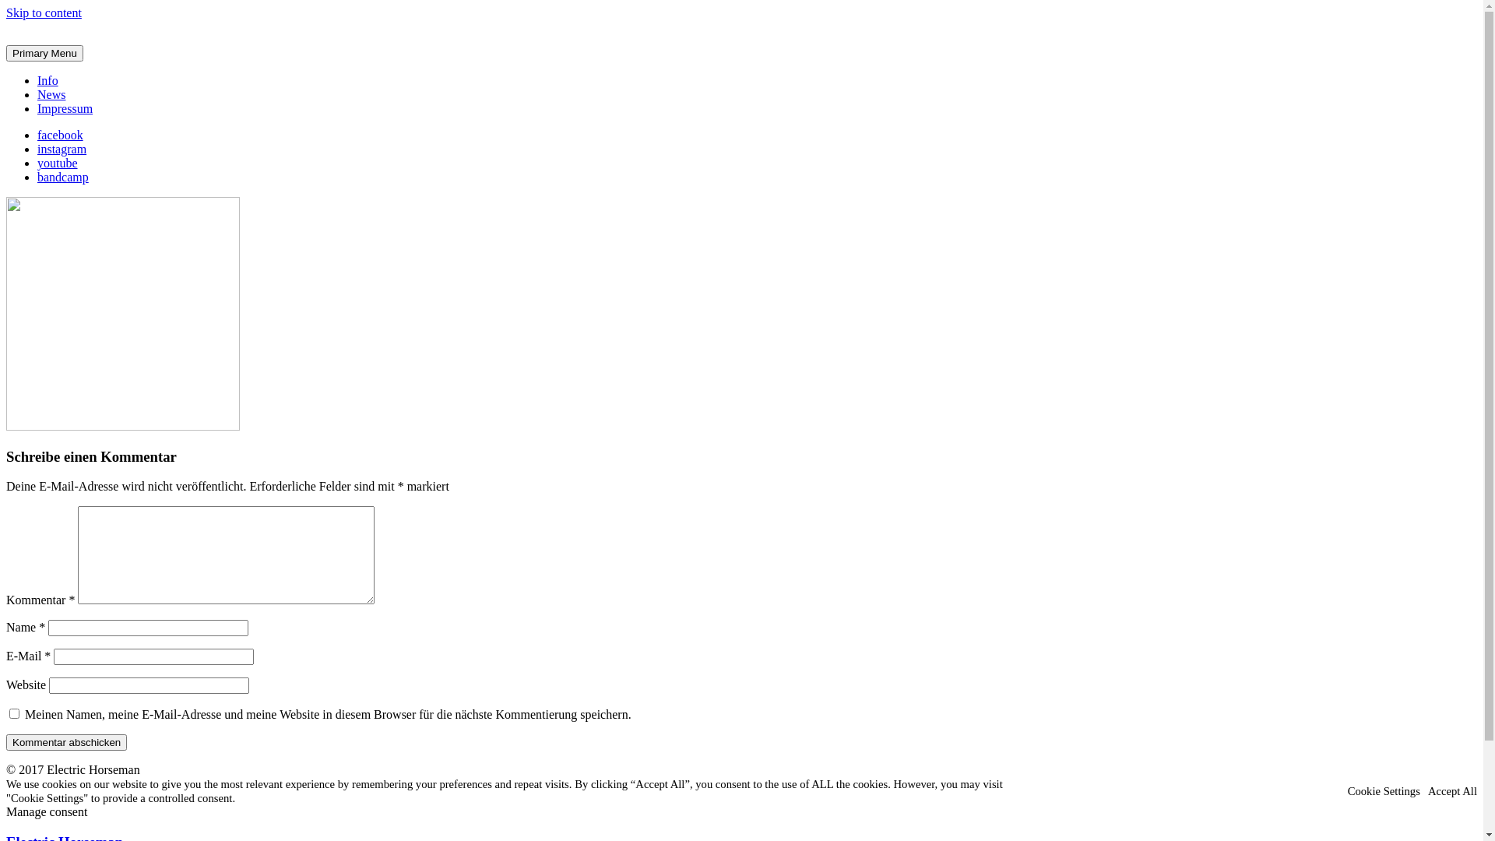 The height and width of the screenshot is (841, 1495). What do you see at coordinates (51, 94) in the screenshot?
I see `'News'` at bounding box center [51, 94].